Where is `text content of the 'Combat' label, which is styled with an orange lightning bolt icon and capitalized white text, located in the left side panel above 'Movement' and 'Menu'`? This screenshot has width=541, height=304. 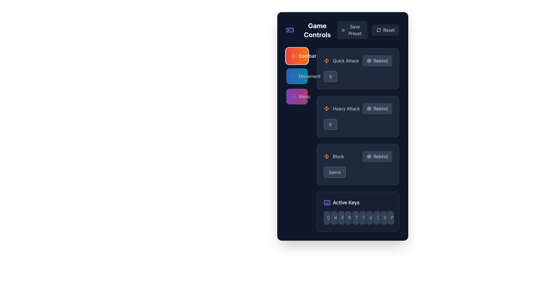
text content of the 'Combat' label, which is styled with an orange lightning bolt icon and capitalized white text, located in the left side panel above 'Movement' and 'Menu' is located at coordinates (297, 56).